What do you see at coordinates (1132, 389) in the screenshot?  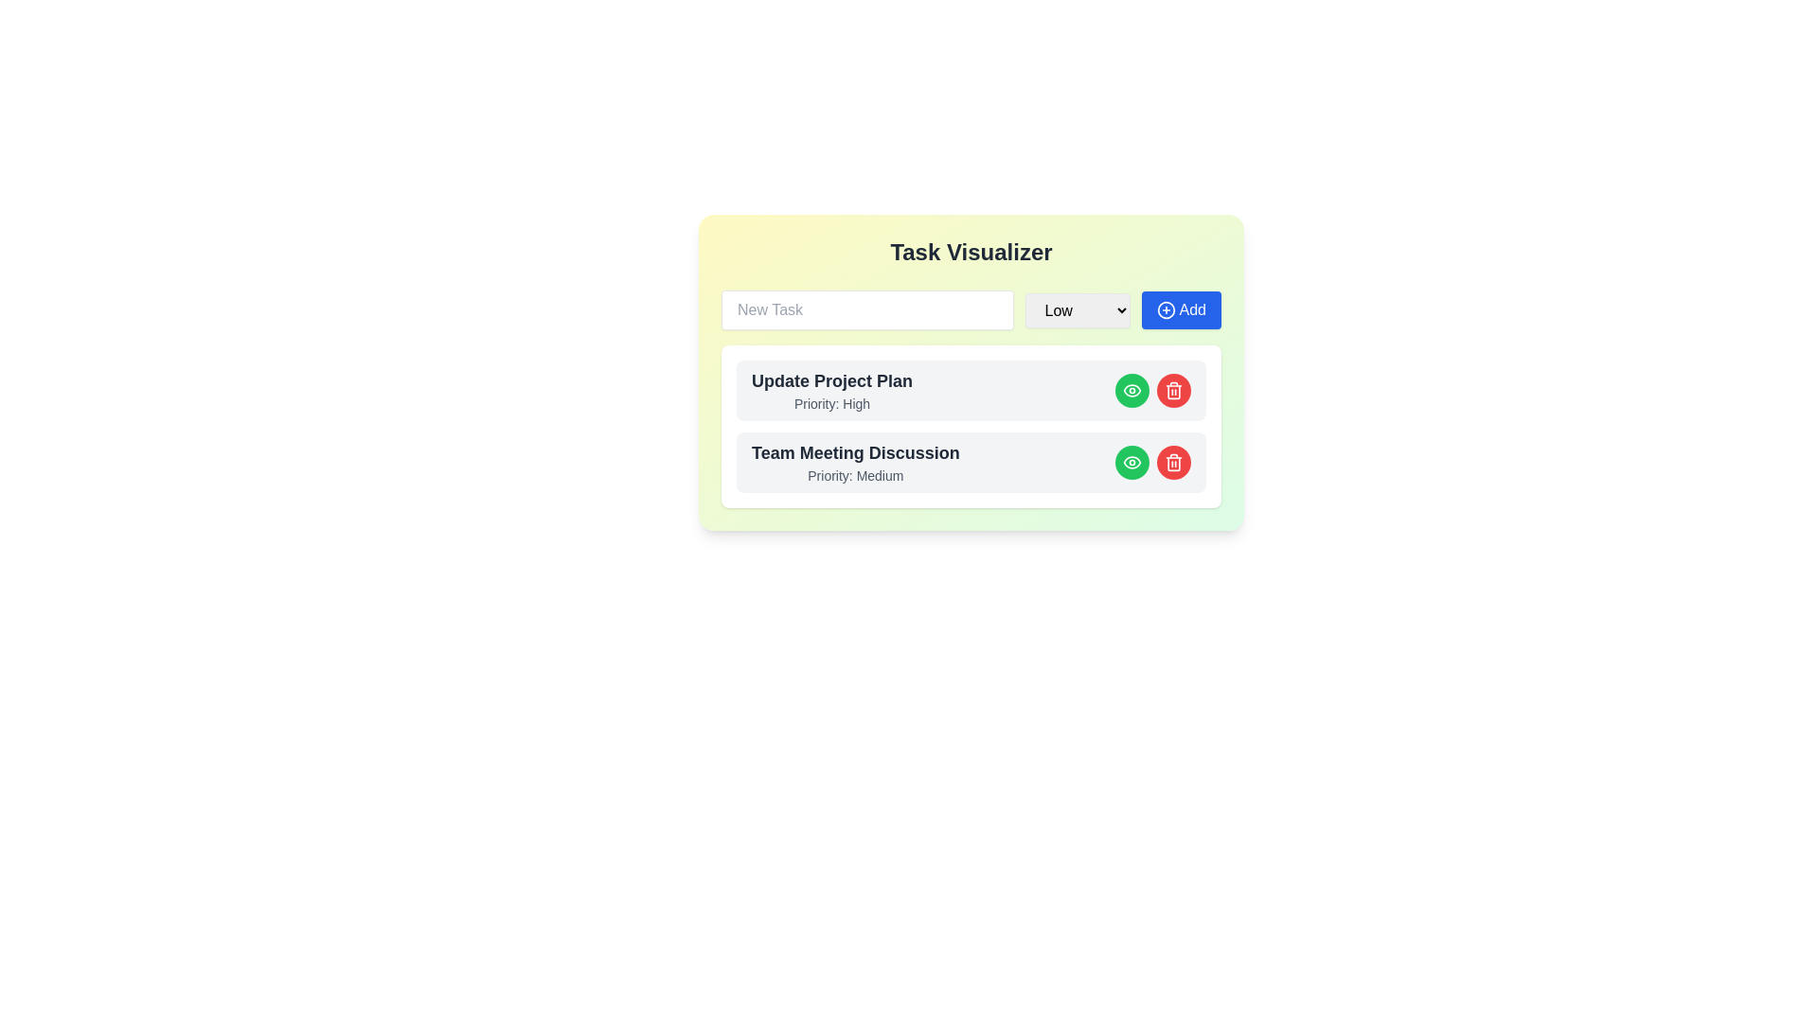 I see `the Icon Button located to the right of 'Update Project Plan'` at bounding box center [1132, 389].